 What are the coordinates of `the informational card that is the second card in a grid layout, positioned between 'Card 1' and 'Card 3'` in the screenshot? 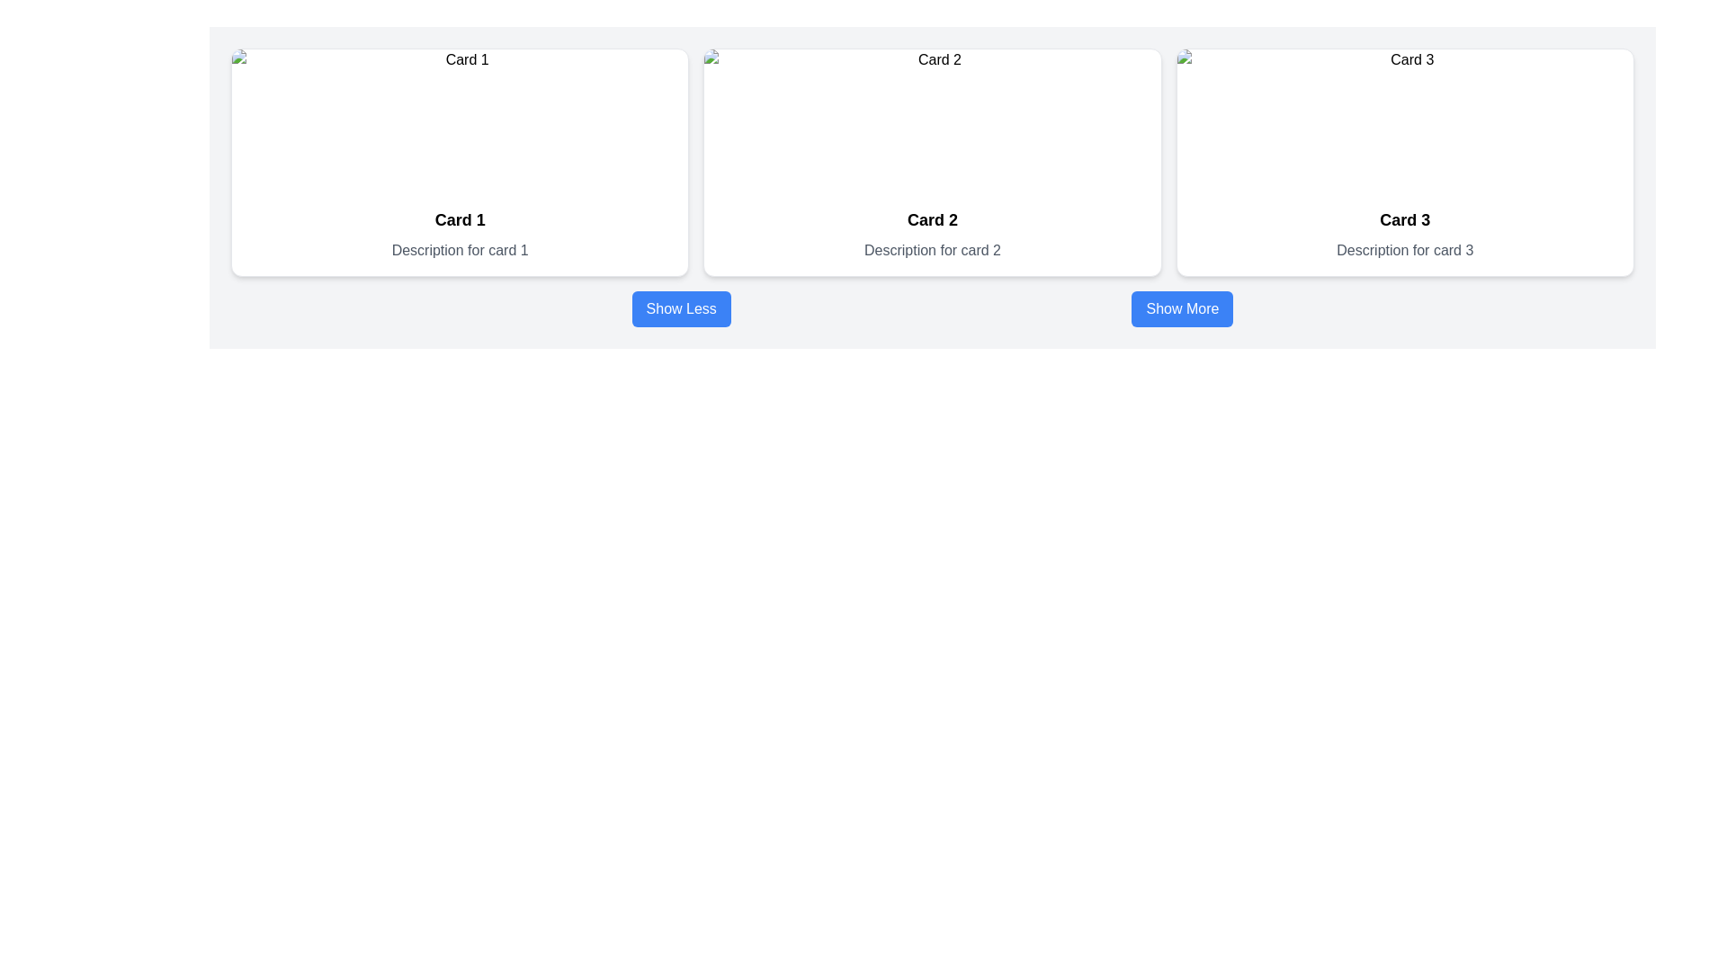 It's located at (932, 163).